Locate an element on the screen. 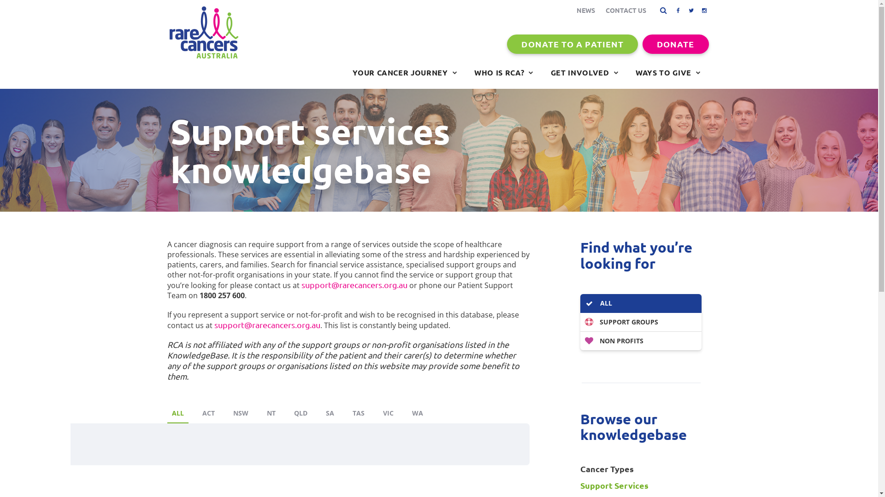  'DONATE' is located at coordinates (675, 44).